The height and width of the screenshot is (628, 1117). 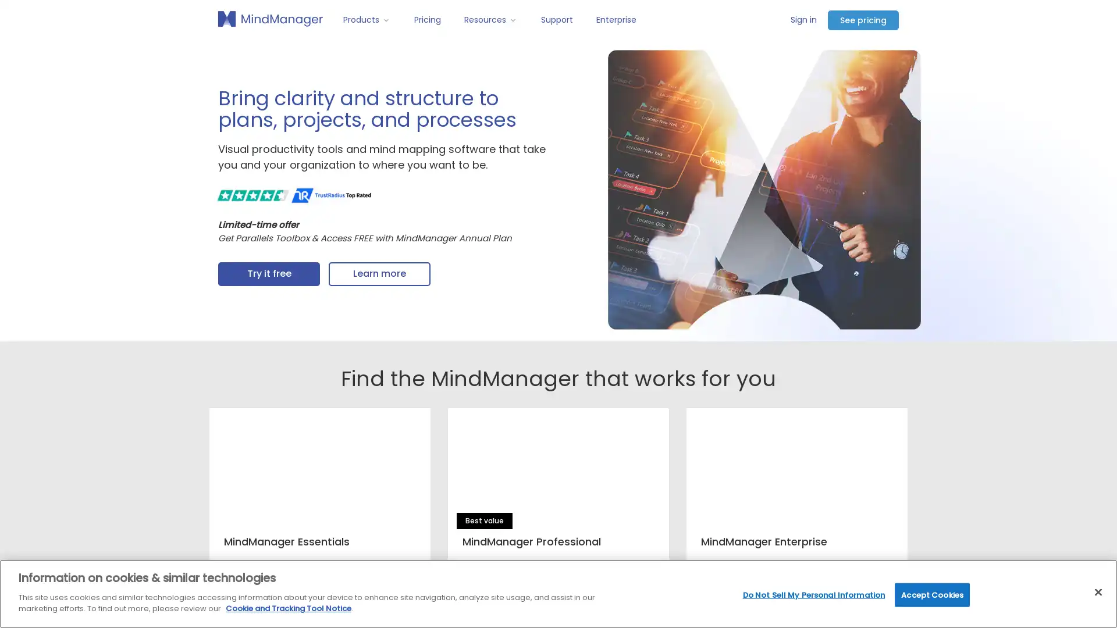 I want to click on Close, so click(x=1097, y=592).